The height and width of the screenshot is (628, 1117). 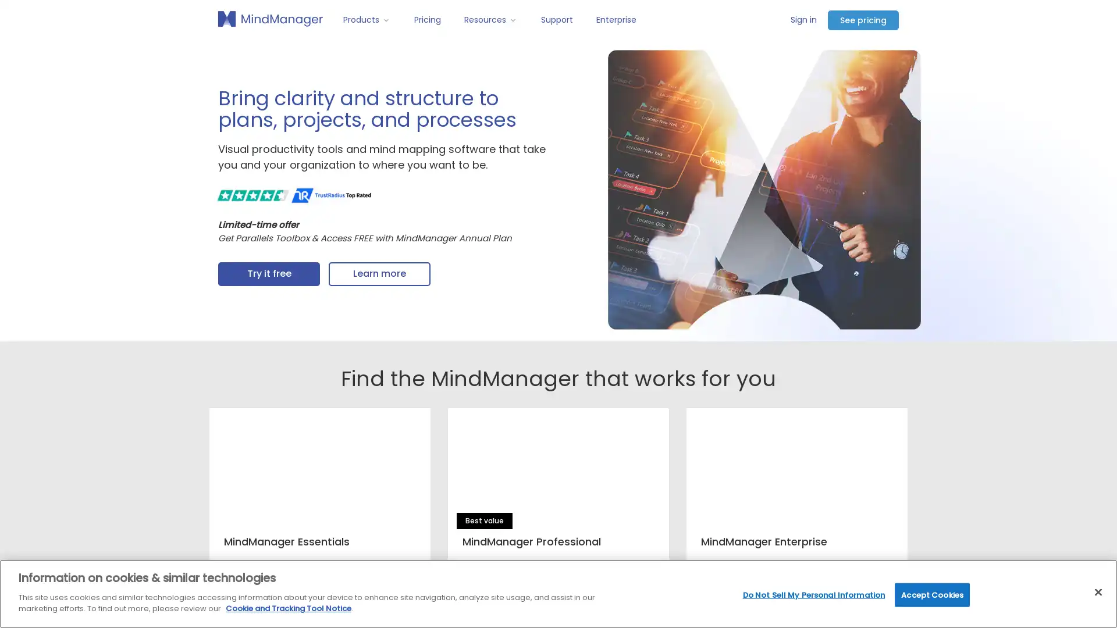 I want to click on Close, so click(x=1097, y=592).